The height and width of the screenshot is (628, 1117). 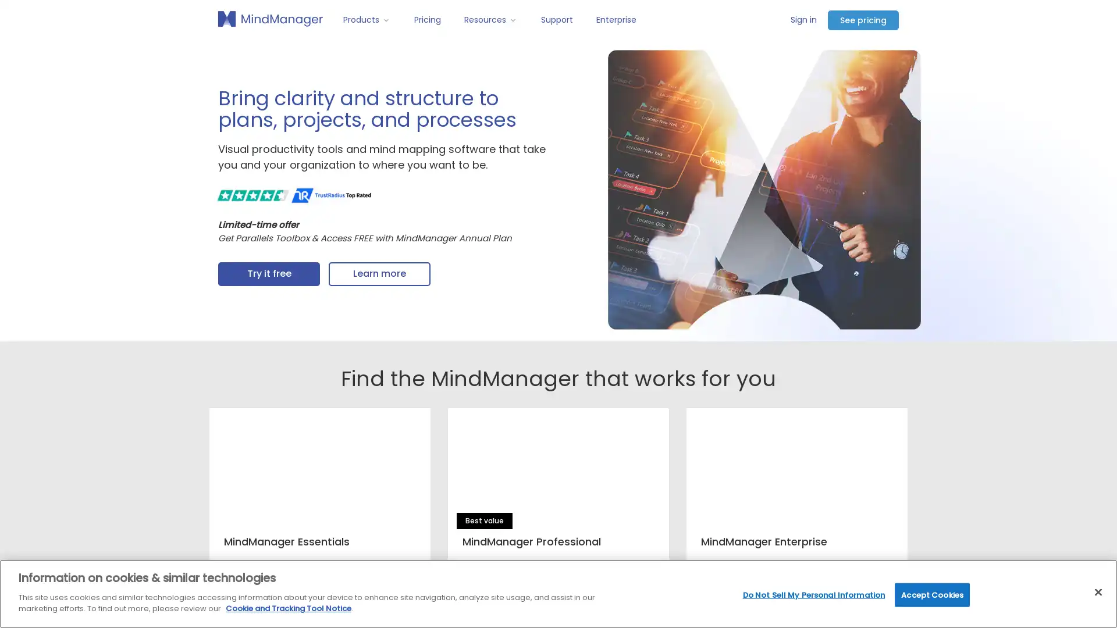 I want to click on Close, so click(x=1097, y=592).